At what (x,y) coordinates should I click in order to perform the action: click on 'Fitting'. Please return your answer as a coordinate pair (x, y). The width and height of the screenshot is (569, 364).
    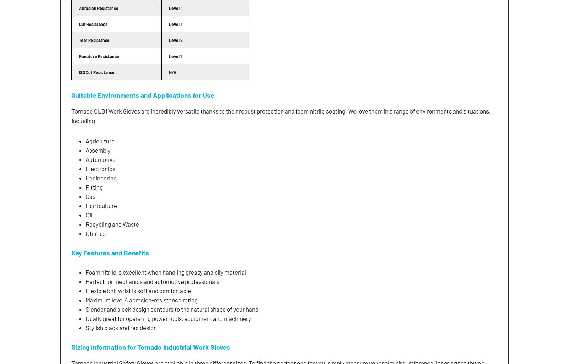
    Looking at the image, I should click on (94, 187).